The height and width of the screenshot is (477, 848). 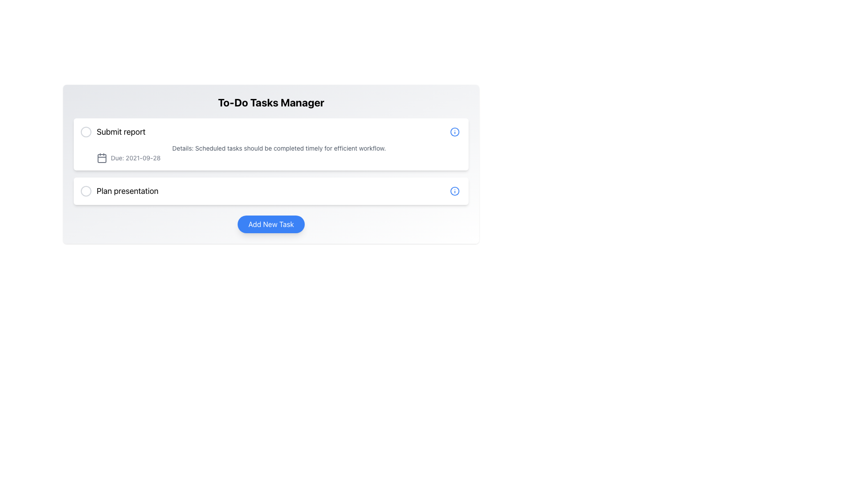 What do you see at coordinates (455, 132) in the screenshot?
I see `the information icon resembling a circled 'i' located in the top-right corner of the 'Submit Report' task component` at bounding box center [455, 132].